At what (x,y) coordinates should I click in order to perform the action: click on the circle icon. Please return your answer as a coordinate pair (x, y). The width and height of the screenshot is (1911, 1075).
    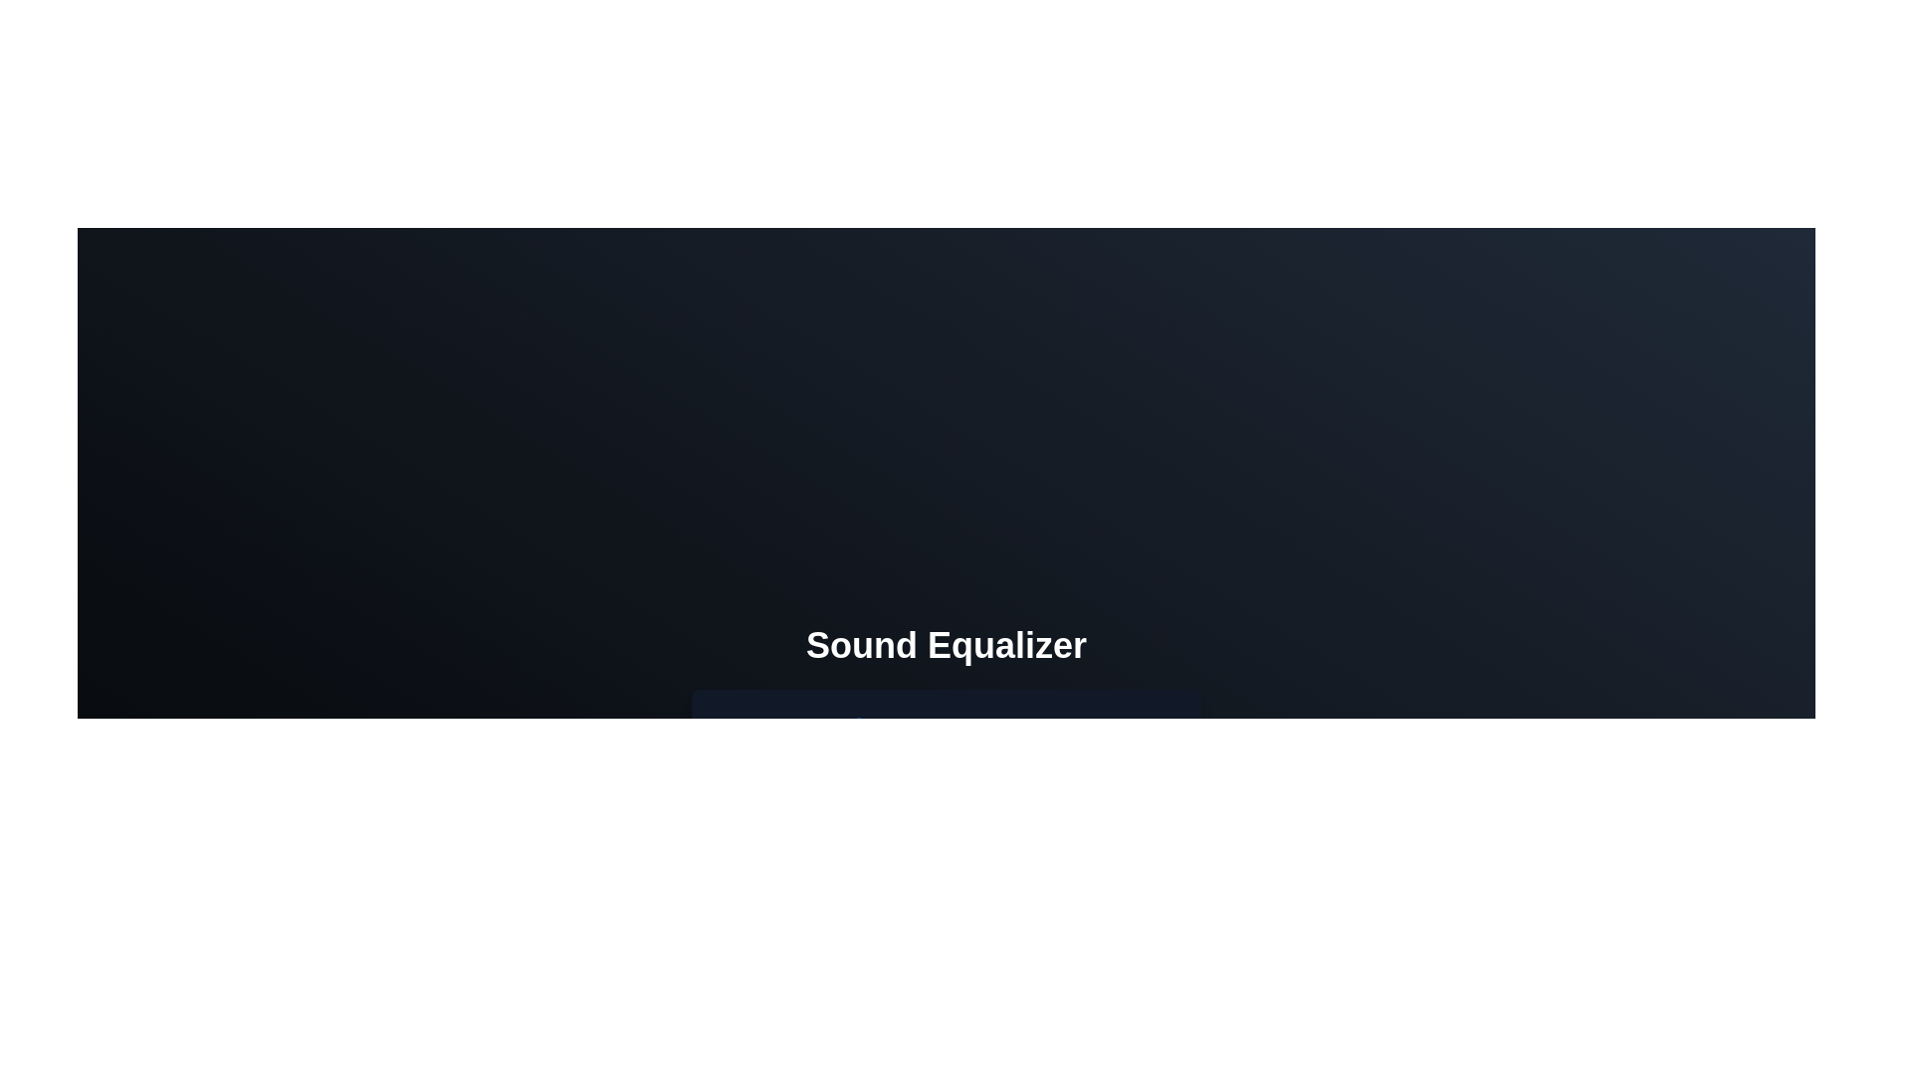
    Looking at the image, I should click on (974, 883).